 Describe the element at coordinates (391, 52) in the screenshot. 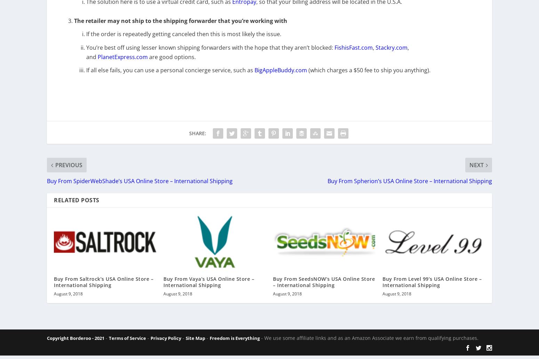

I see `'Stackry.com'` at that location.